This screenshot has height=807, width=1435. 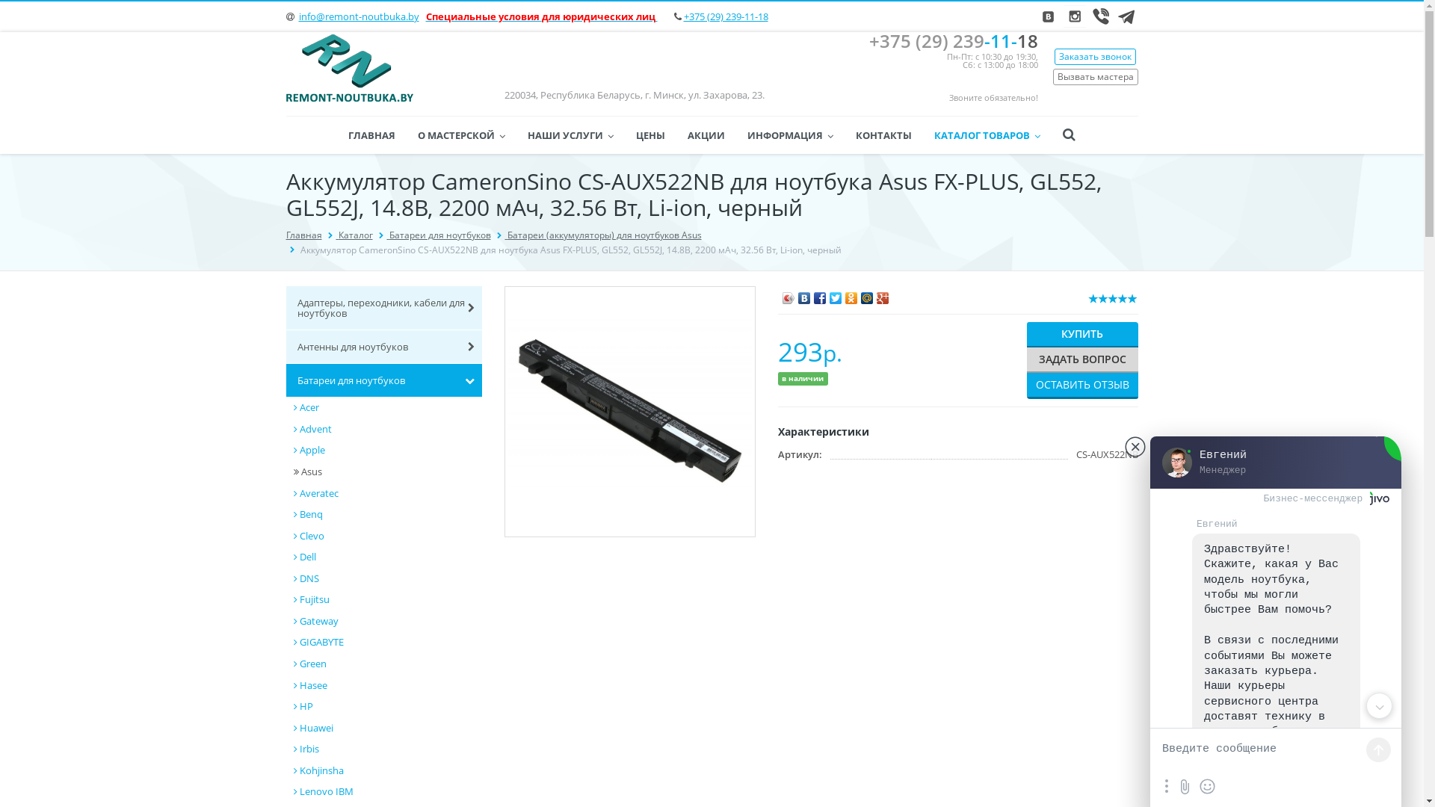 I want to click on 'Advent', so click(x=387, y=429).